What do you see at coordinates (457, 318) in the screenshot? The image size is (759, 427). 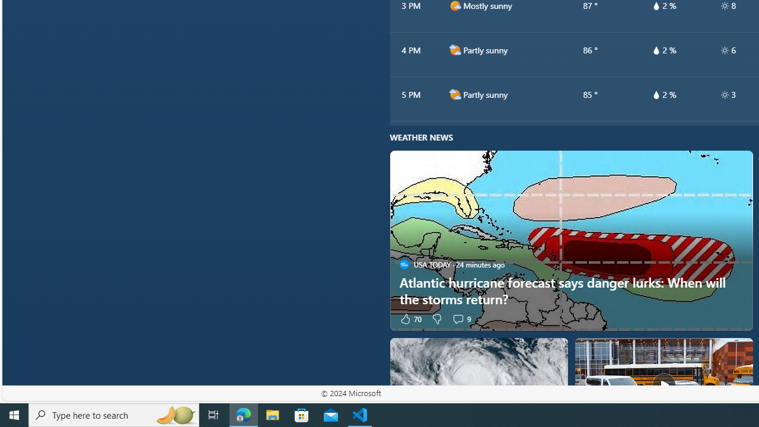 I see `'View comments 9 Comment'` at bounding box center [457, 318].